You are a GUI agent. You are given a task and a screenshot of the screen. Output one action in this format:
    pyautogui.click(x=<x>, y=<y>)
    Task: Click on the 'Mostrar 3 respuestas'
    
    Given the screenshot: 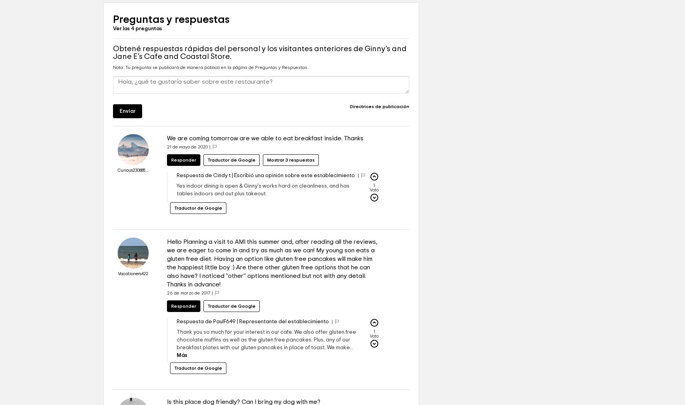 What is the action you would take?
    pyautogui.click(x=290, y=183)
    